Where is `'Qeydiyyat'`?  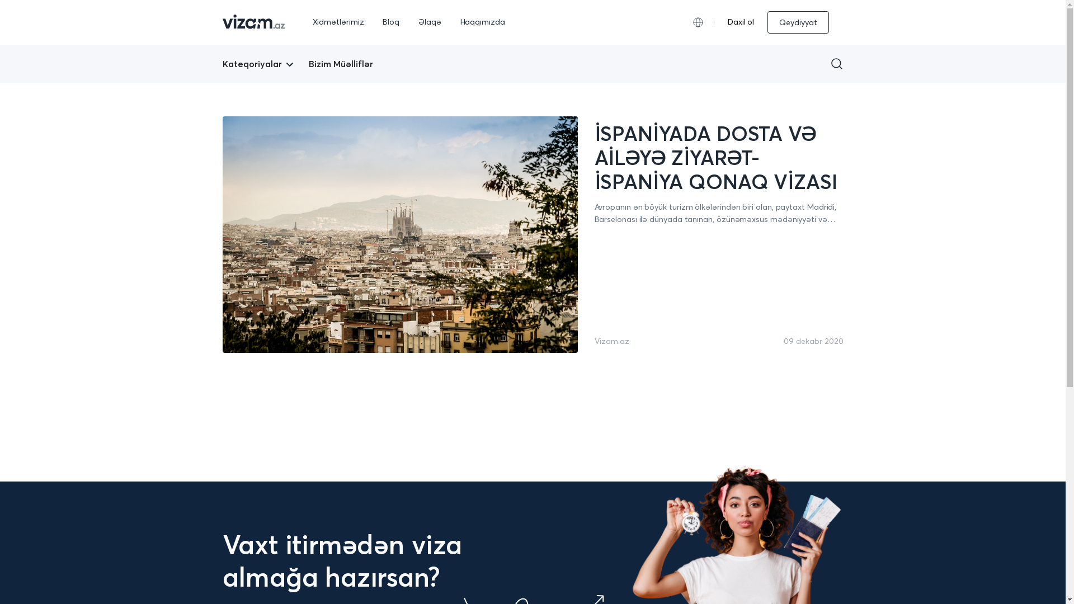
'Qeydiyyat' is located at coordinates (767, 22).